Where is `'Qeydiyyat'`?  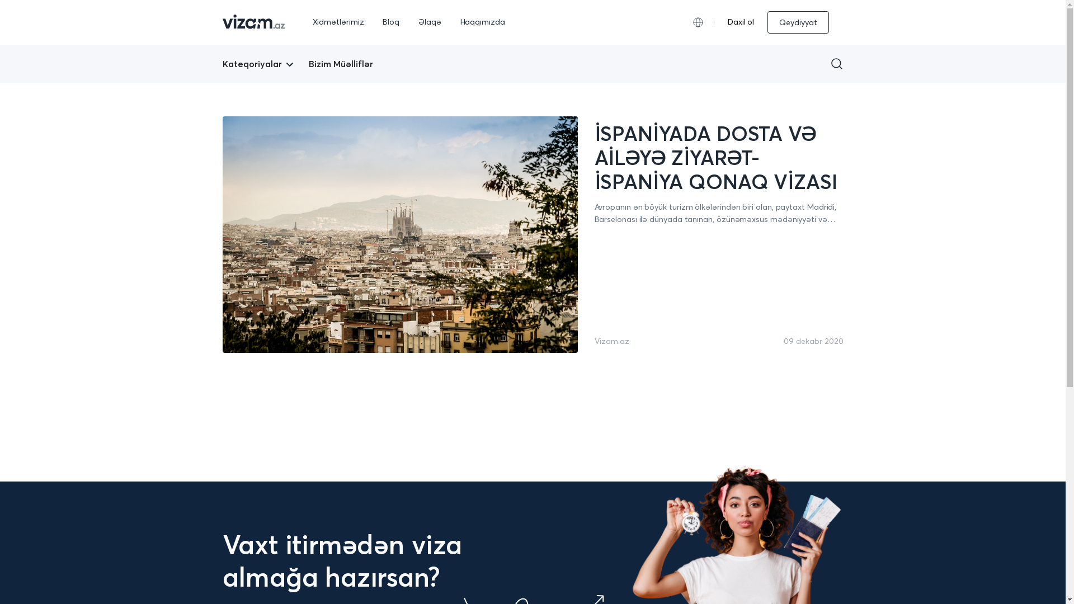
'Qeydiyyat' is located at coordinates (767, 22).